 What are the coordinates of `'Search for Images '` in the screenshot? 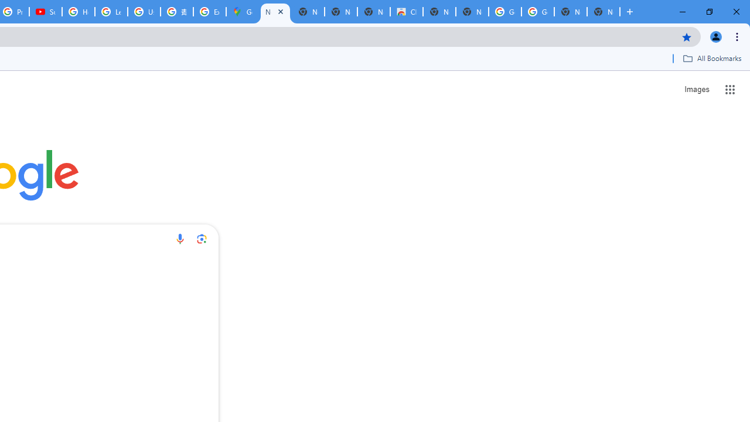 It's located at (697, 89).